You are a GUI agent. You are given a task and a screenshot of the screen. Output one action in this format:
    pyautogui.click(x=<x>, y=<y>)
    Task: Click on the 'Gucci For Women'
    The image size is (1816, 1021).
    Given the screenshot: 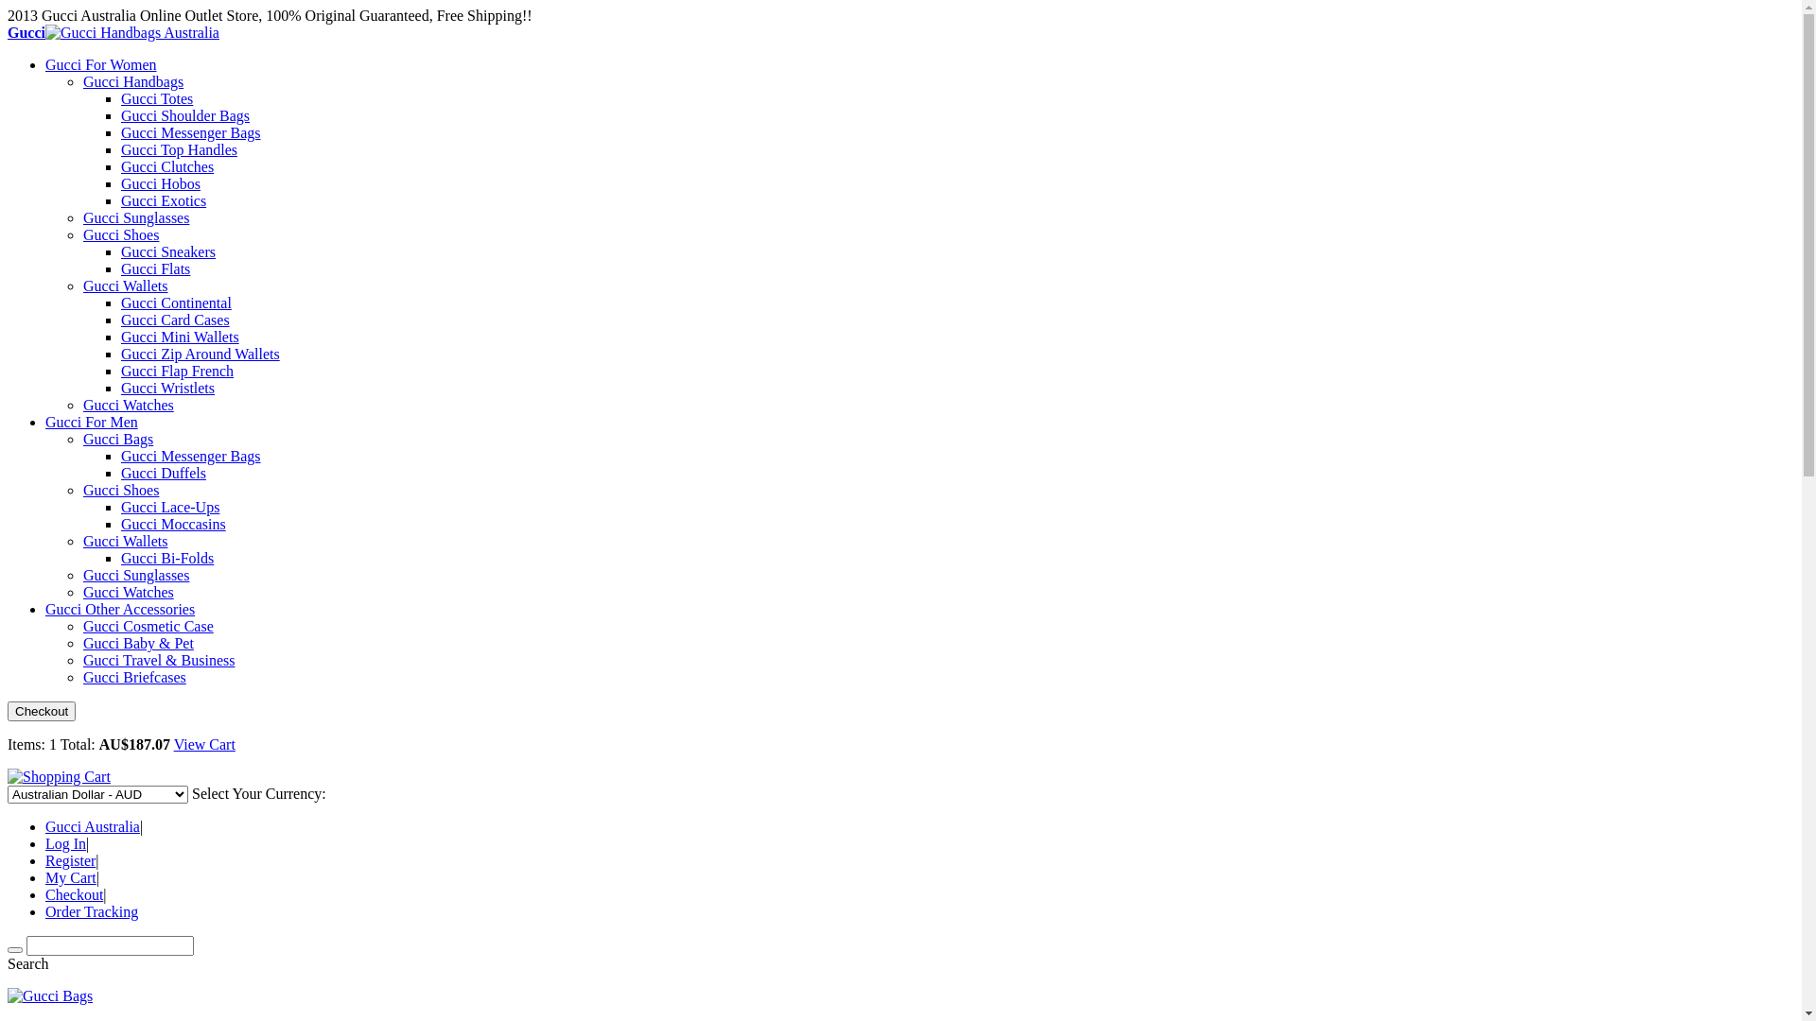 What is the action you would take?
    pyautogui.click(x=45, y=63)
    